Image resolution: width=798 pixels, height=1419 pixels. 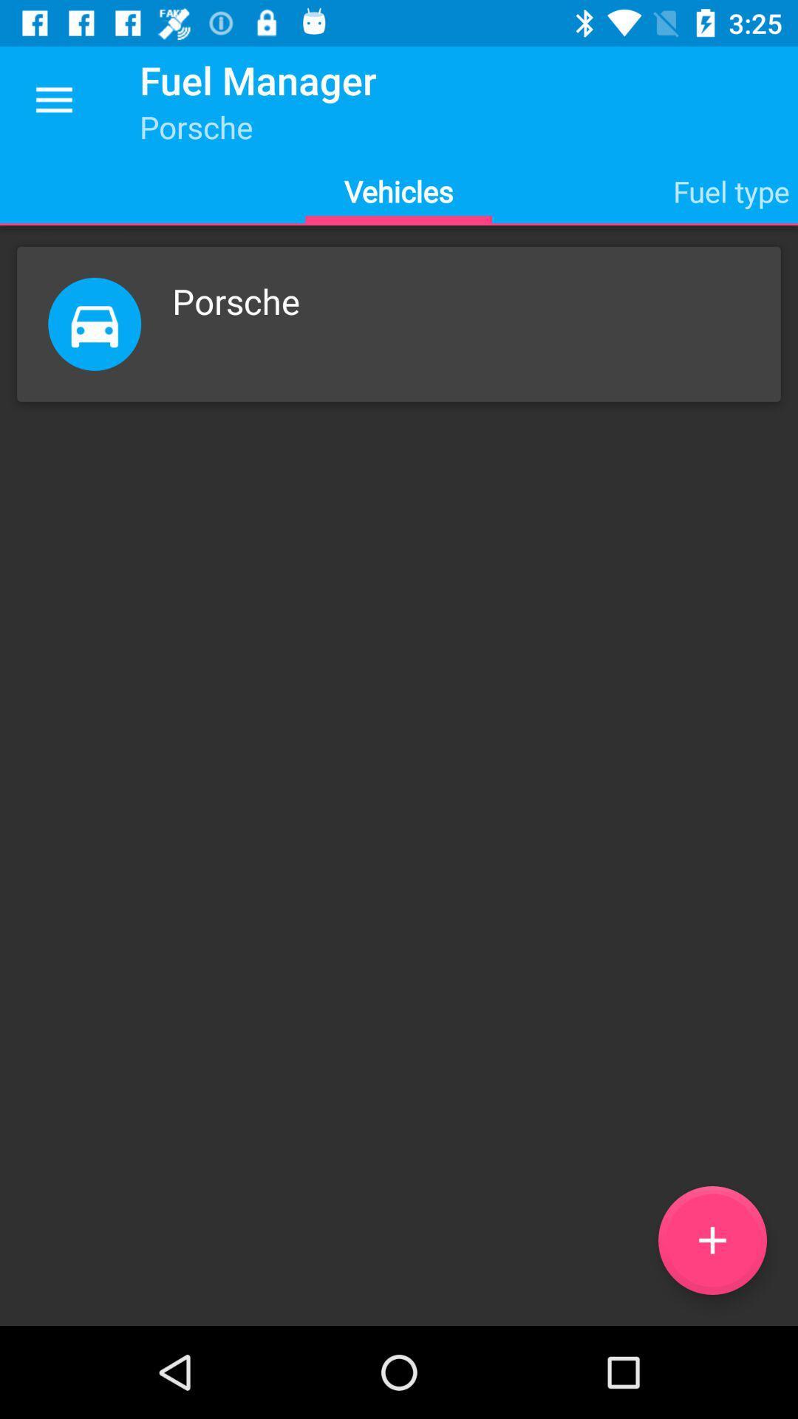 I want to click on icon to the left of the fuel manager item, so click(x=53, y=100).